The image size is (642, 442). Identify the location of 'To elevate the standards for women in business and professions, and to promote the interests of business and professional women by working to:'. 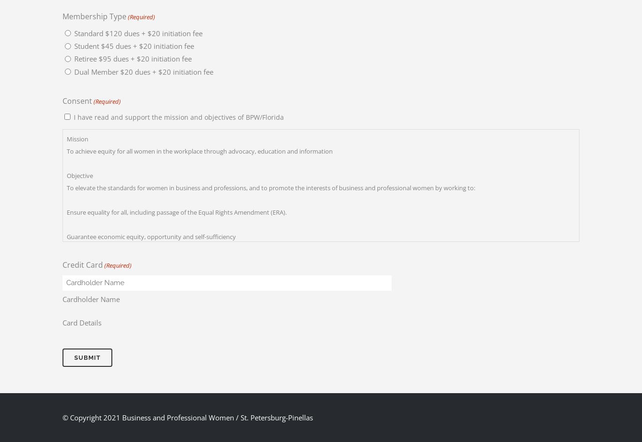
(270, 186).